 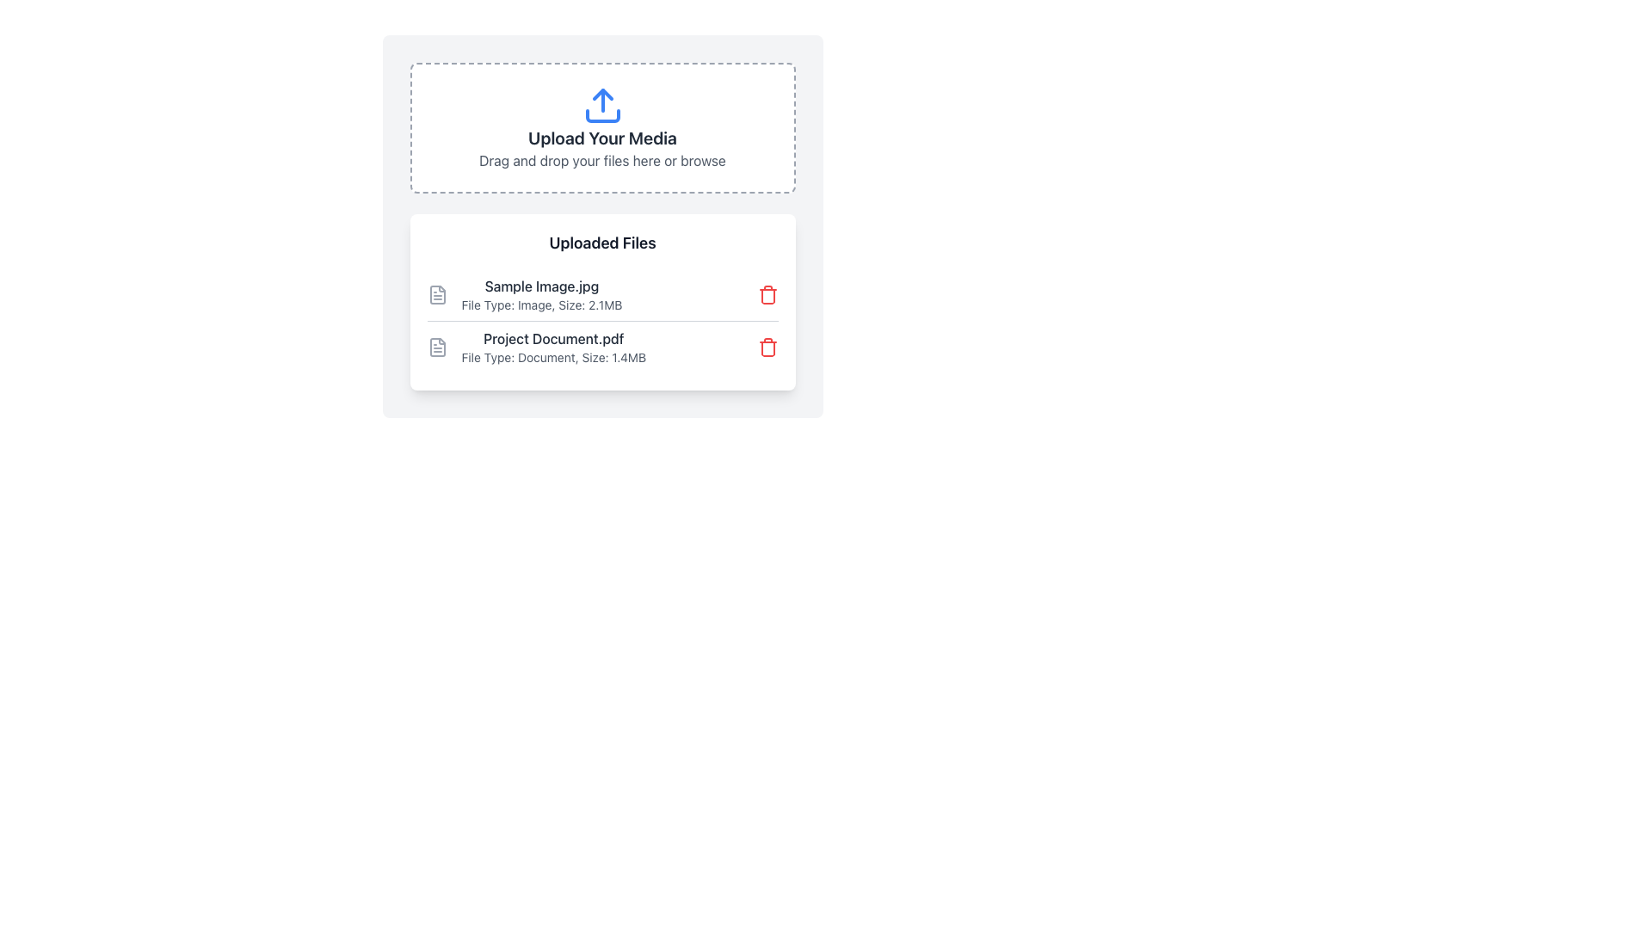 I want to click on the upward-pointing blue arrow icon within the dashed-border rectangular area labeled 'Upload Your Media', so click(x=602, y=106).